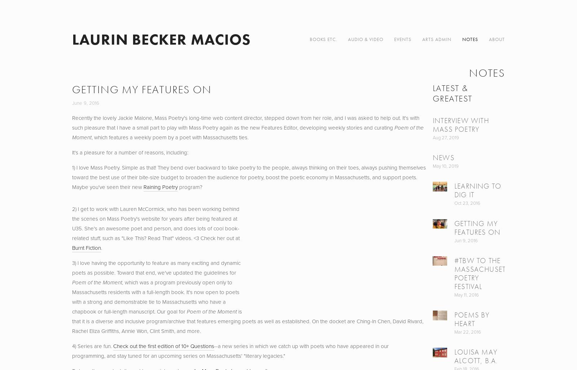 The height and width of the screenshot is (370, 577). Describe the element at coordinates (72, 282) in the screenshot. I see `'Poem of the Moment,'` at that location.